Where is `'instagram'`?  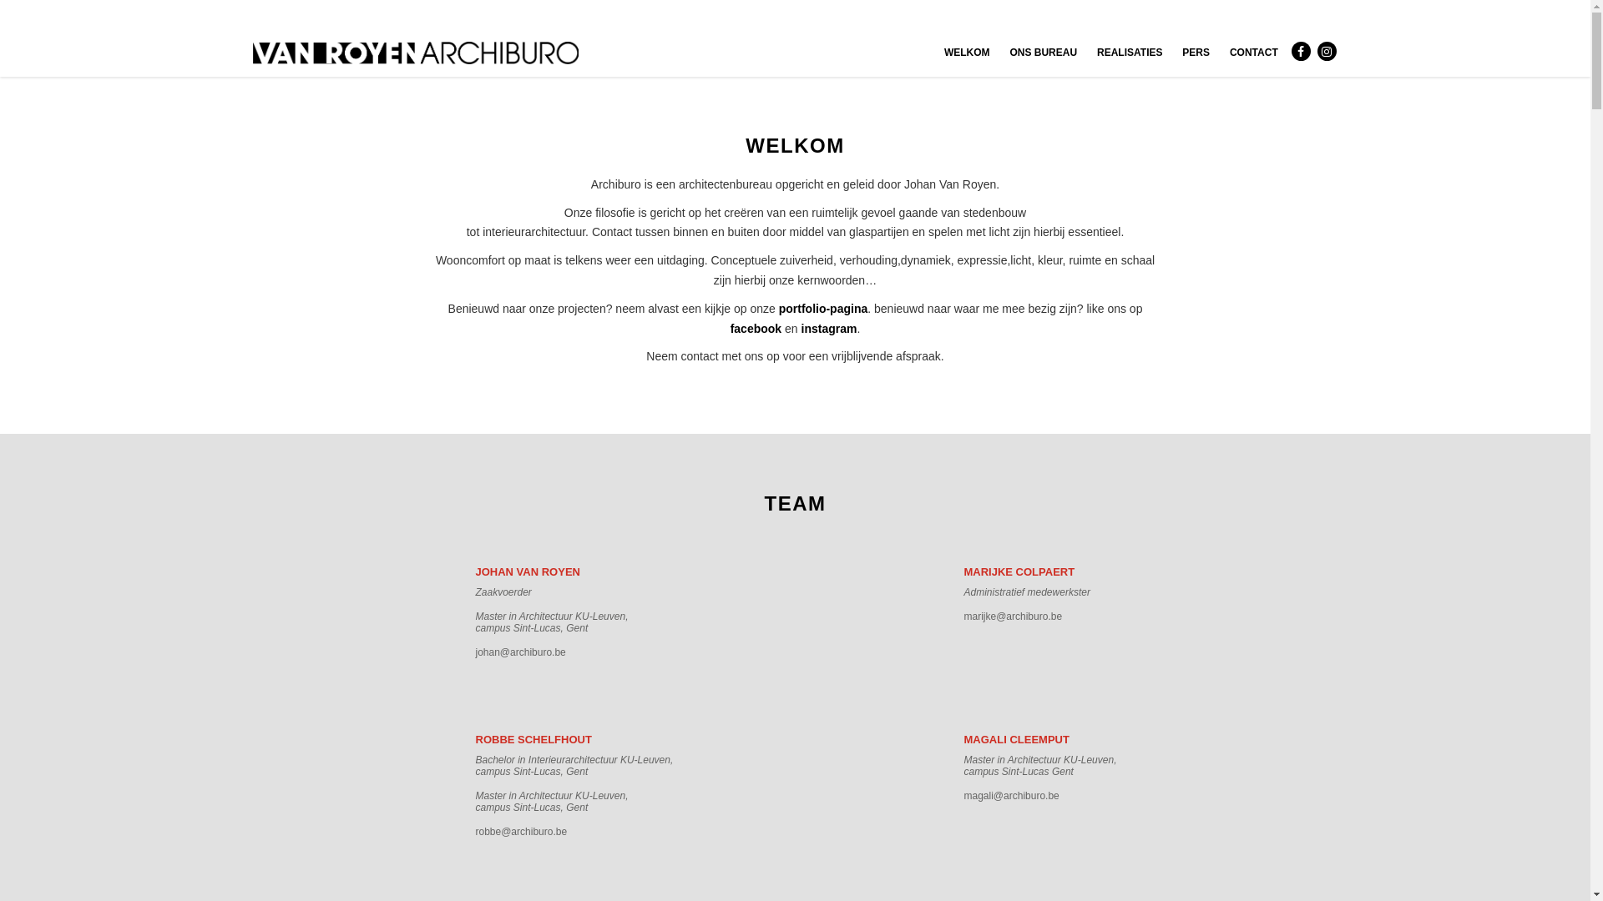 'instagram' is located at coordinates (829, 328).